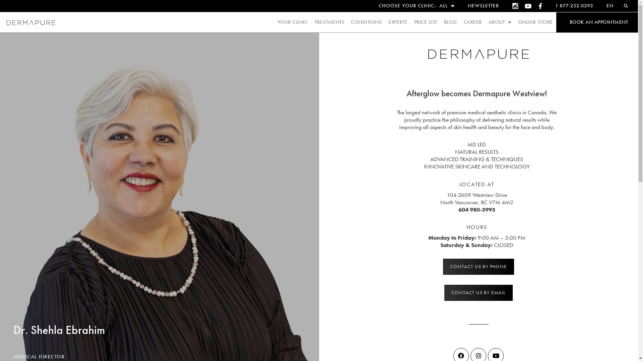 The height and width of the screenshot is (361, 643). Describe the element at coordinates (517, 22) in the screenshot. I see `'ONLINE STORE'` at that location.